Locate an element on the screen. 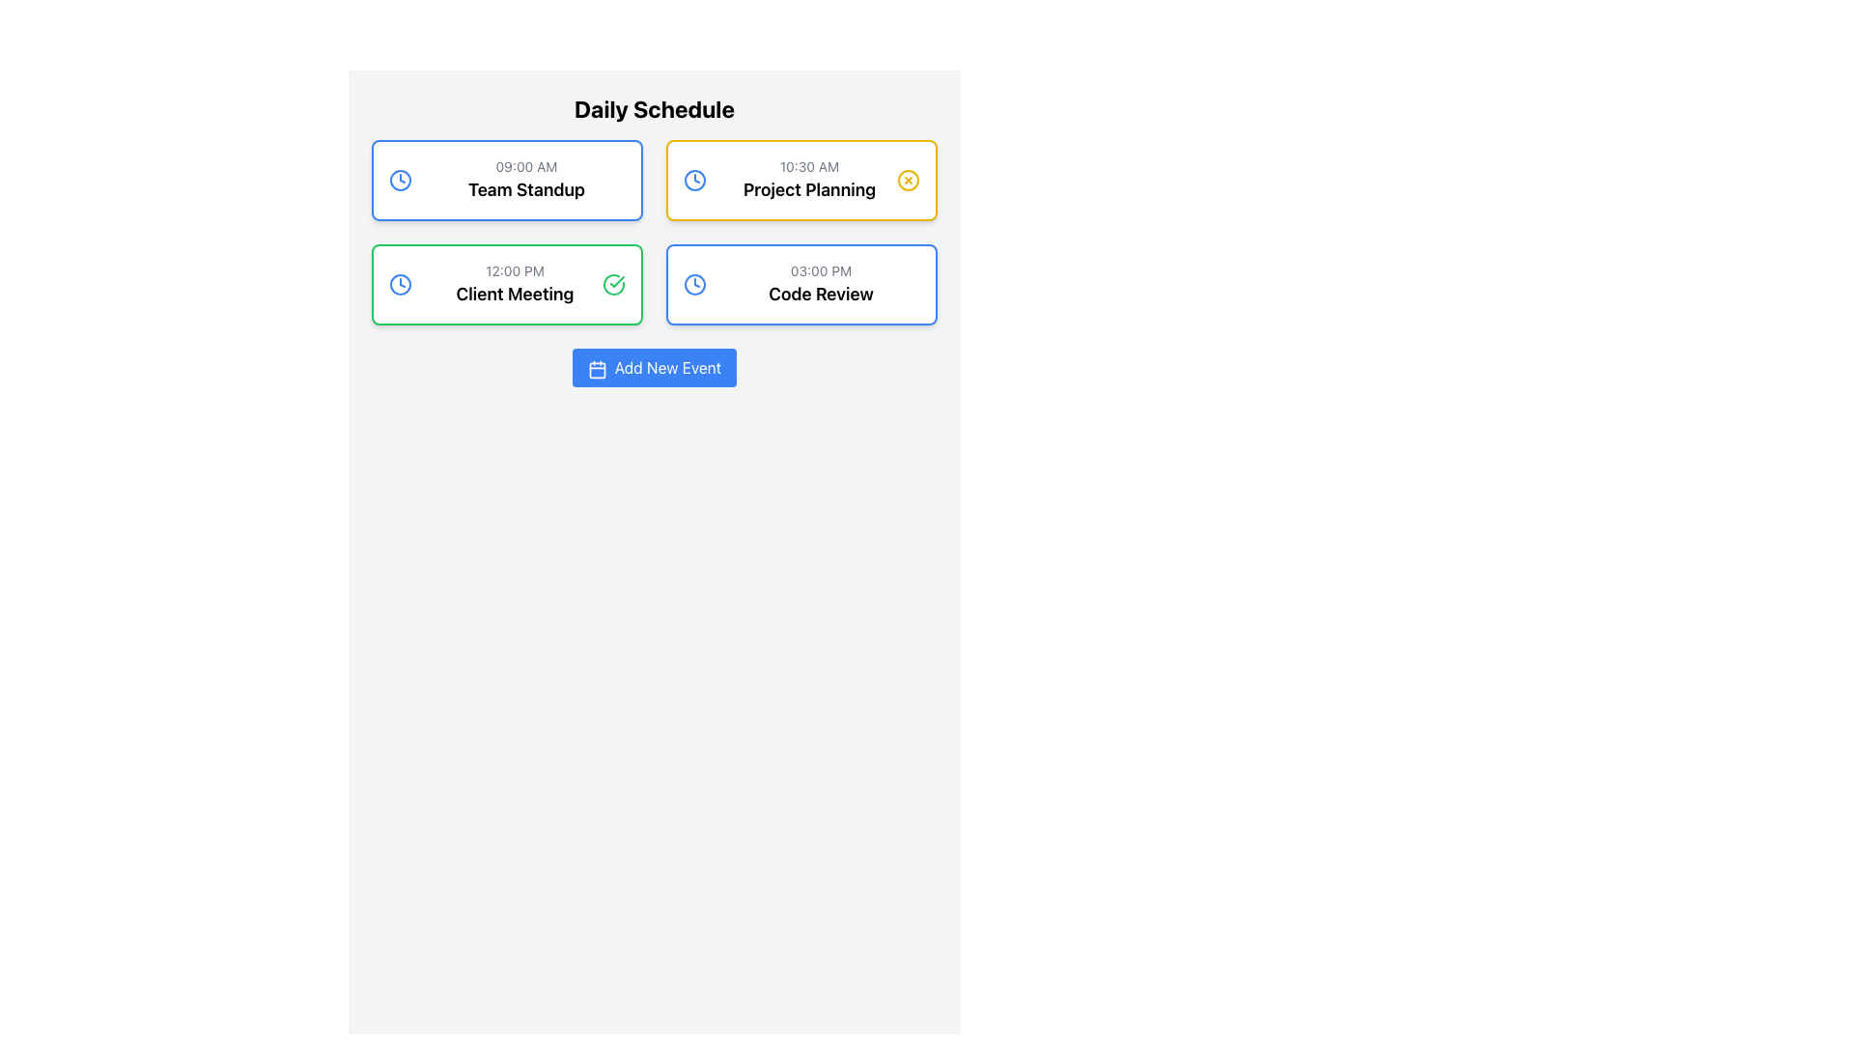 Image resolution: width=1854 pixels, height=1043 pixels. the discard button located at the top-right corner of the 'Project Planning' block is located at coordinates (907, 180).